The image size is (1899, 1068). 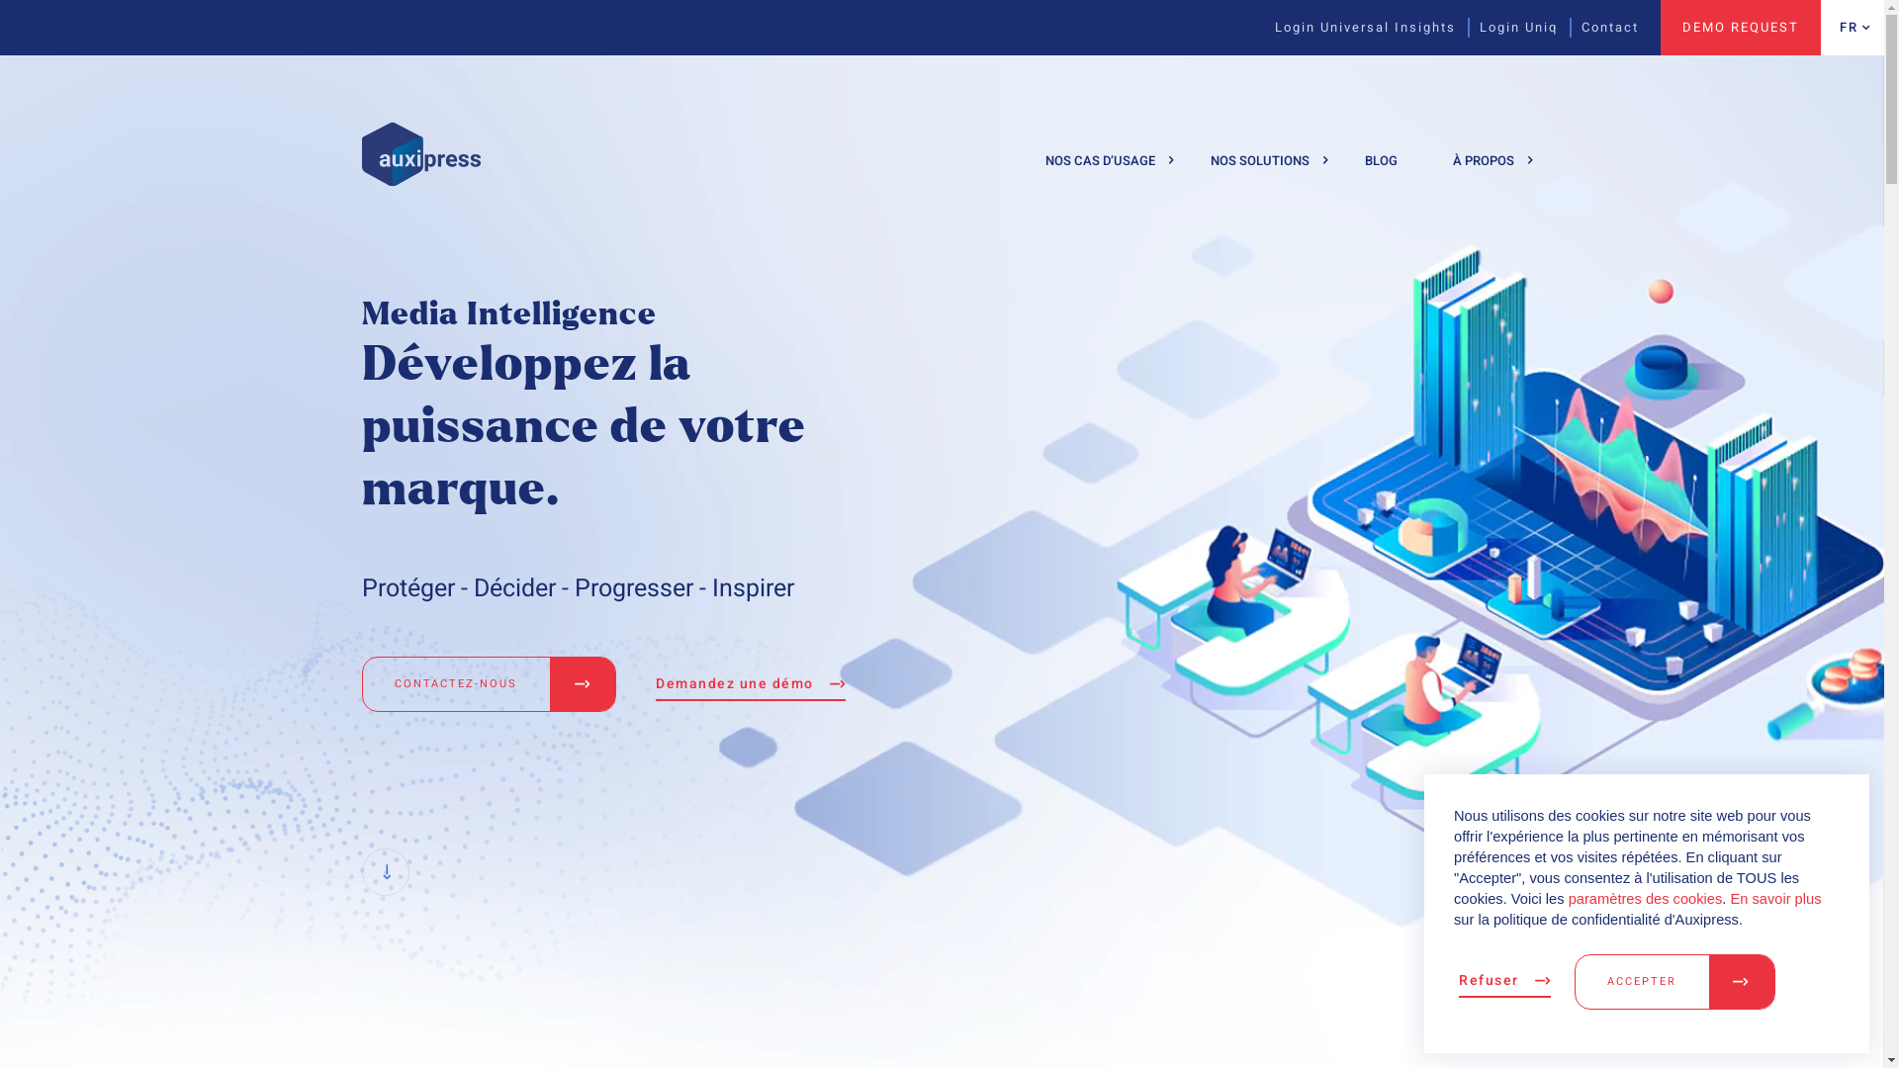 What do you see at coordinates (489, 683) in the screenshot?
I see `'CONTACTEZ-NOUS'` at bounding box center [489, 683].